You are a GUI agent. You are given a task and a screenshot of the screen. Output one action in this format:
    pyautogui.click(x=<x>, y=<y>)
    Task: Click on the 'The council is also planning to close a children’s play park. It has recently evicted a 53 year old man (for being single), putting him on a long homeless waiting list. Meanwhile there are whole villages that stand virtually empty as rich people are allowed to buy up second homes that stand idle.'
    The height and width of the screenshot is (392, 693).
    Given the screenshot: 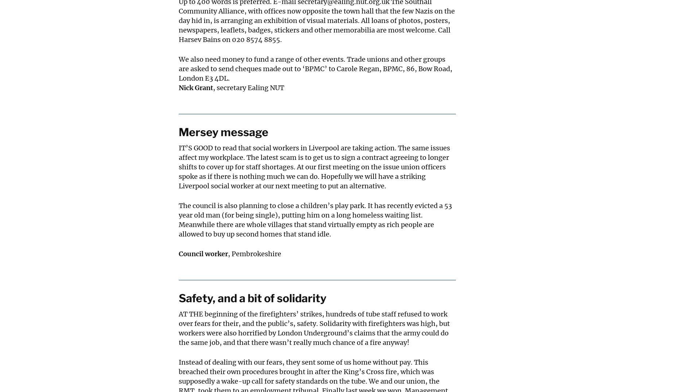 What is the action you would take?
    pyautogui.click(x=315, y=220)
    